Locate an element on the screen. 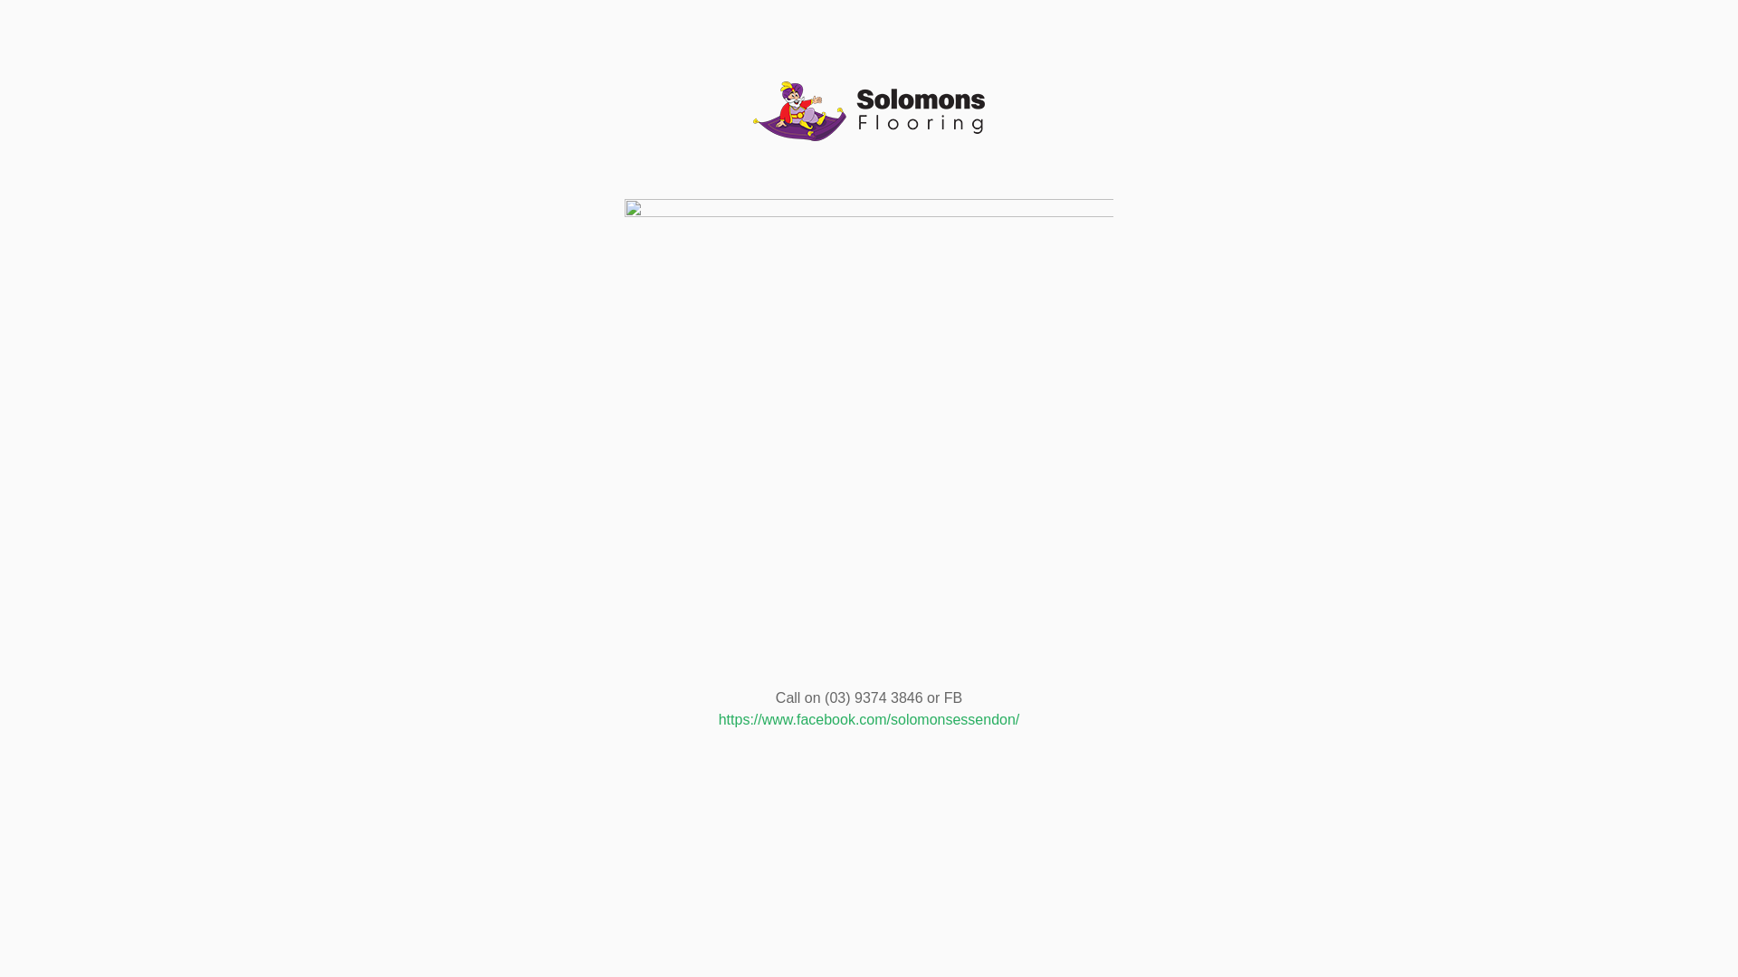  'https://www.facebook.com/solomonsessendon/' is located at coordinates (869, 718).